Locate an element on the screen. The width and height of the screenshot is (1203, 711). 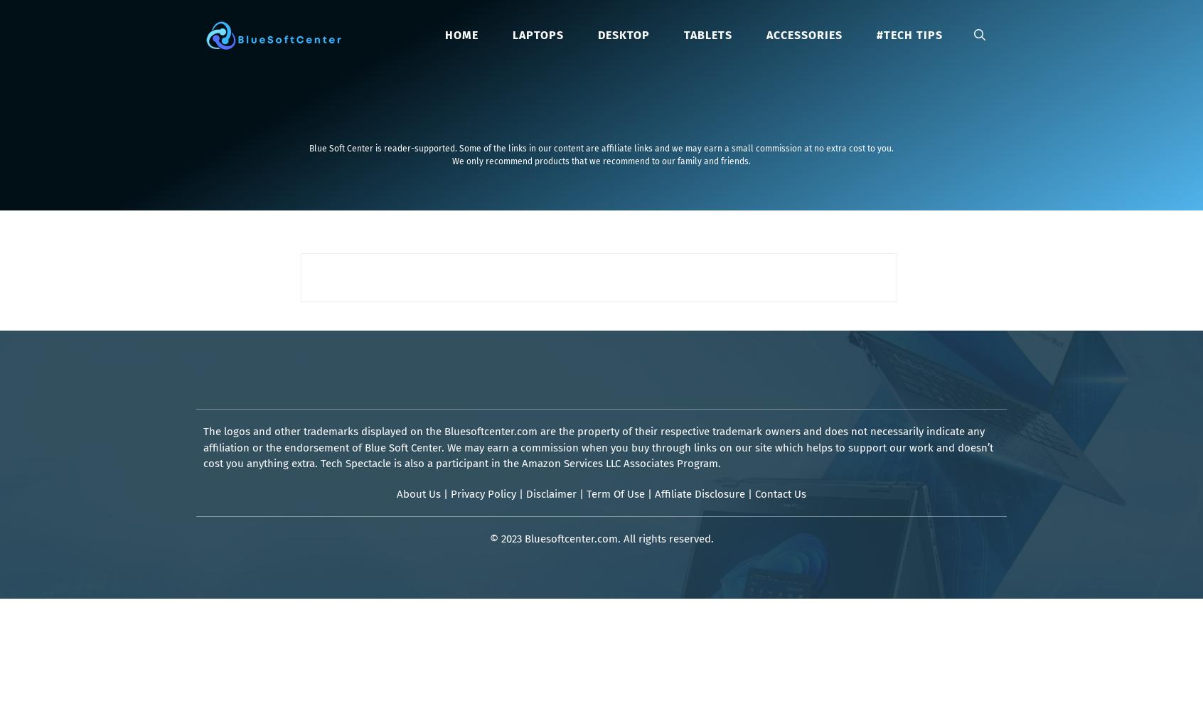
'#Tech Tips' is located at coordinates (909, 35).